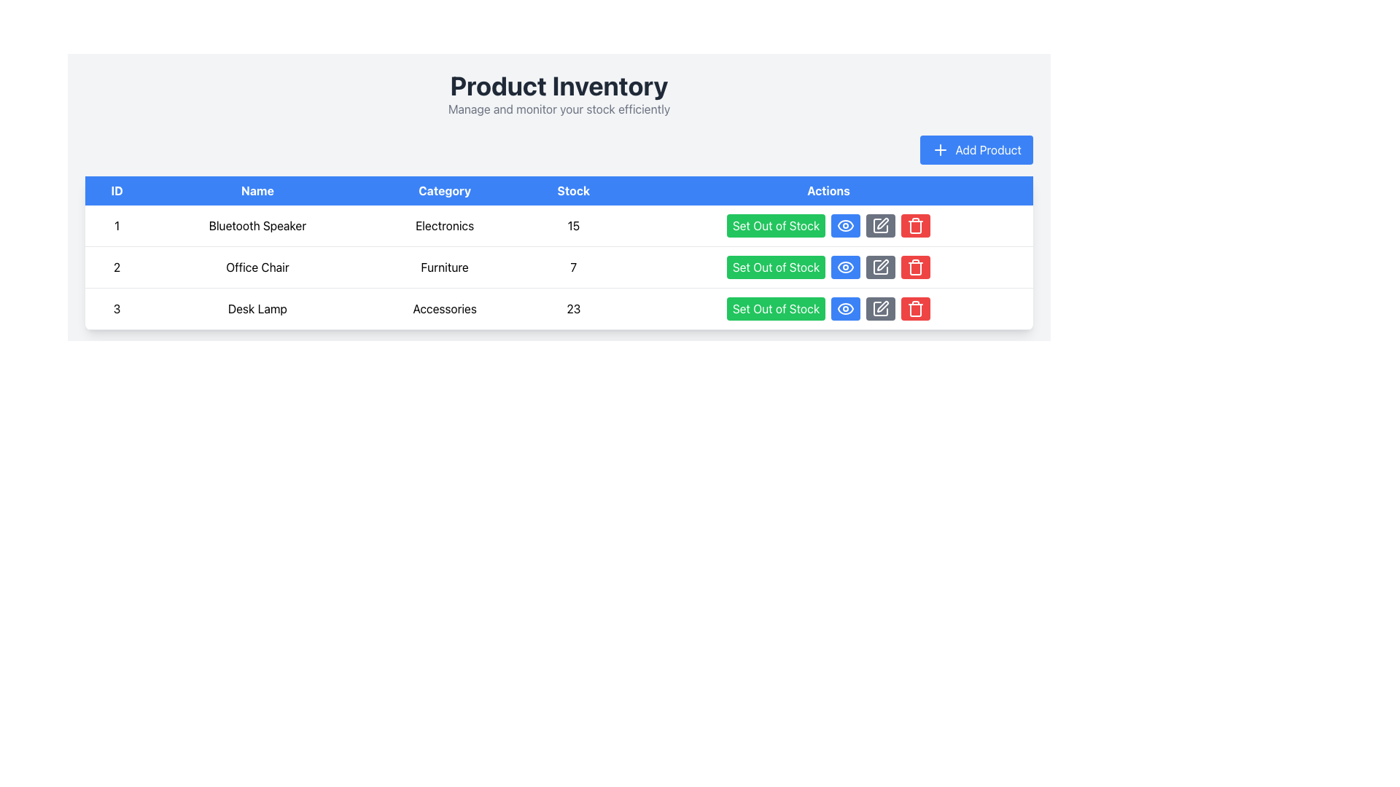  I want to click on the second action button in the 'Actions' column of the third row of the product table for 'Desk Lamp', so click(846, 308).